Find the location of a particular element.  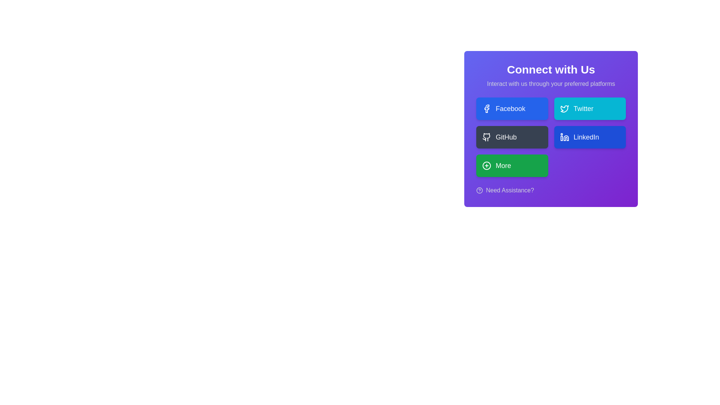

the SVG icon resembling a circle with a plus sign, which is located within the green rectangular button labeled 'More' in the bottom row of buttons is located at coordinates (486, 165).